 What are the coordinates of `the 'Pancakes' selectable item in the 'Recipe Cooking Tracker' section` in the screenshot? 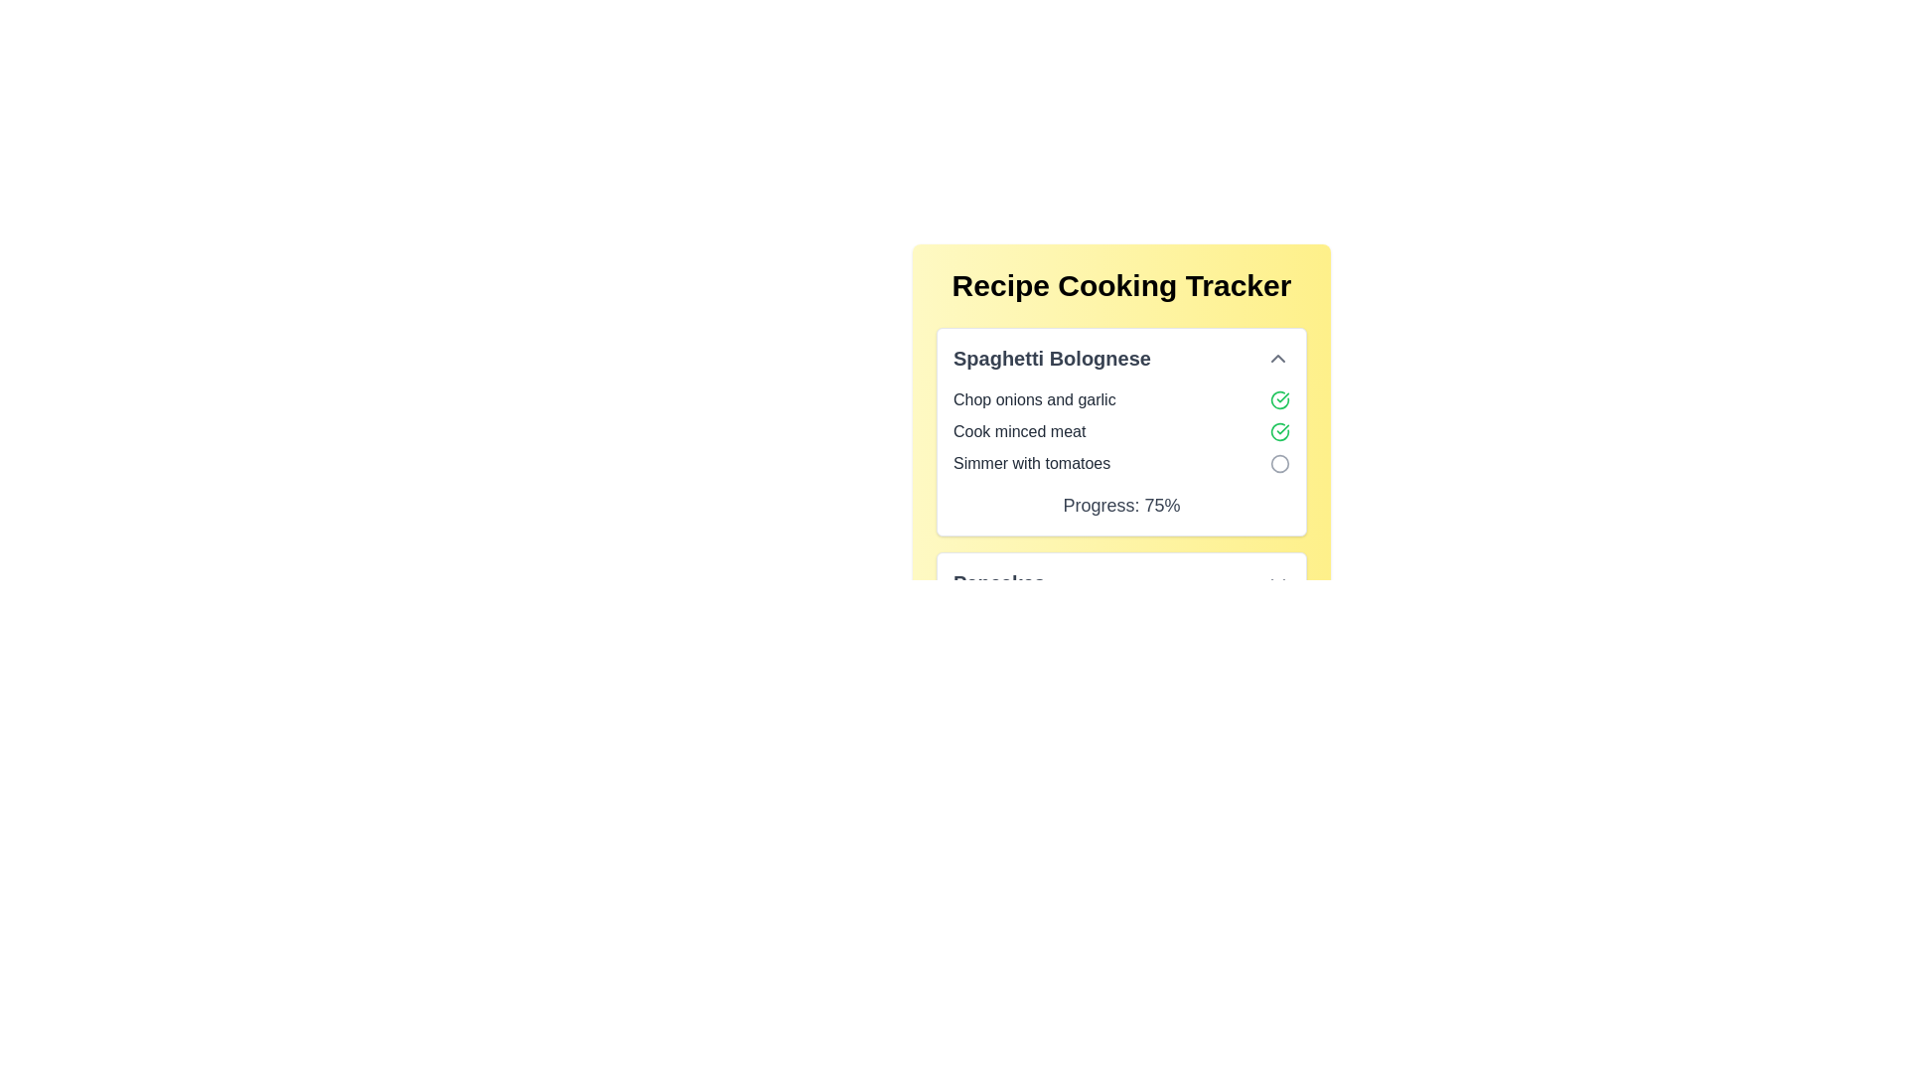 It's located at (1121, 581).